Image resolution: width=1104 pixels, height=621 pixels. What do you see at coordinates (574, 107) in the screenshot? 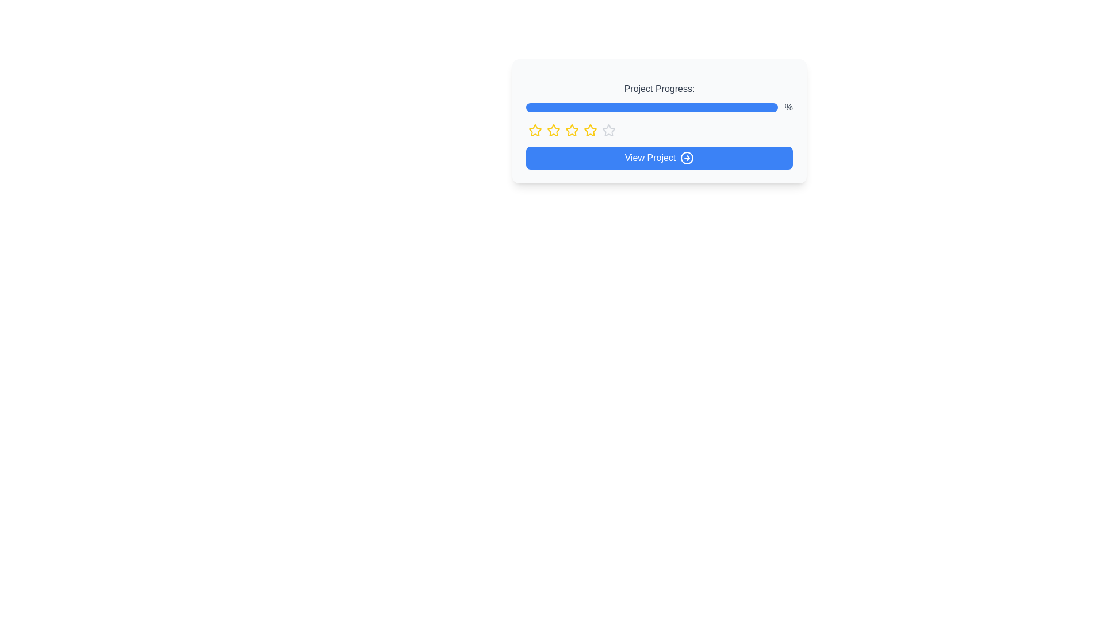
I see `progress` at bounding box center [574, 107].